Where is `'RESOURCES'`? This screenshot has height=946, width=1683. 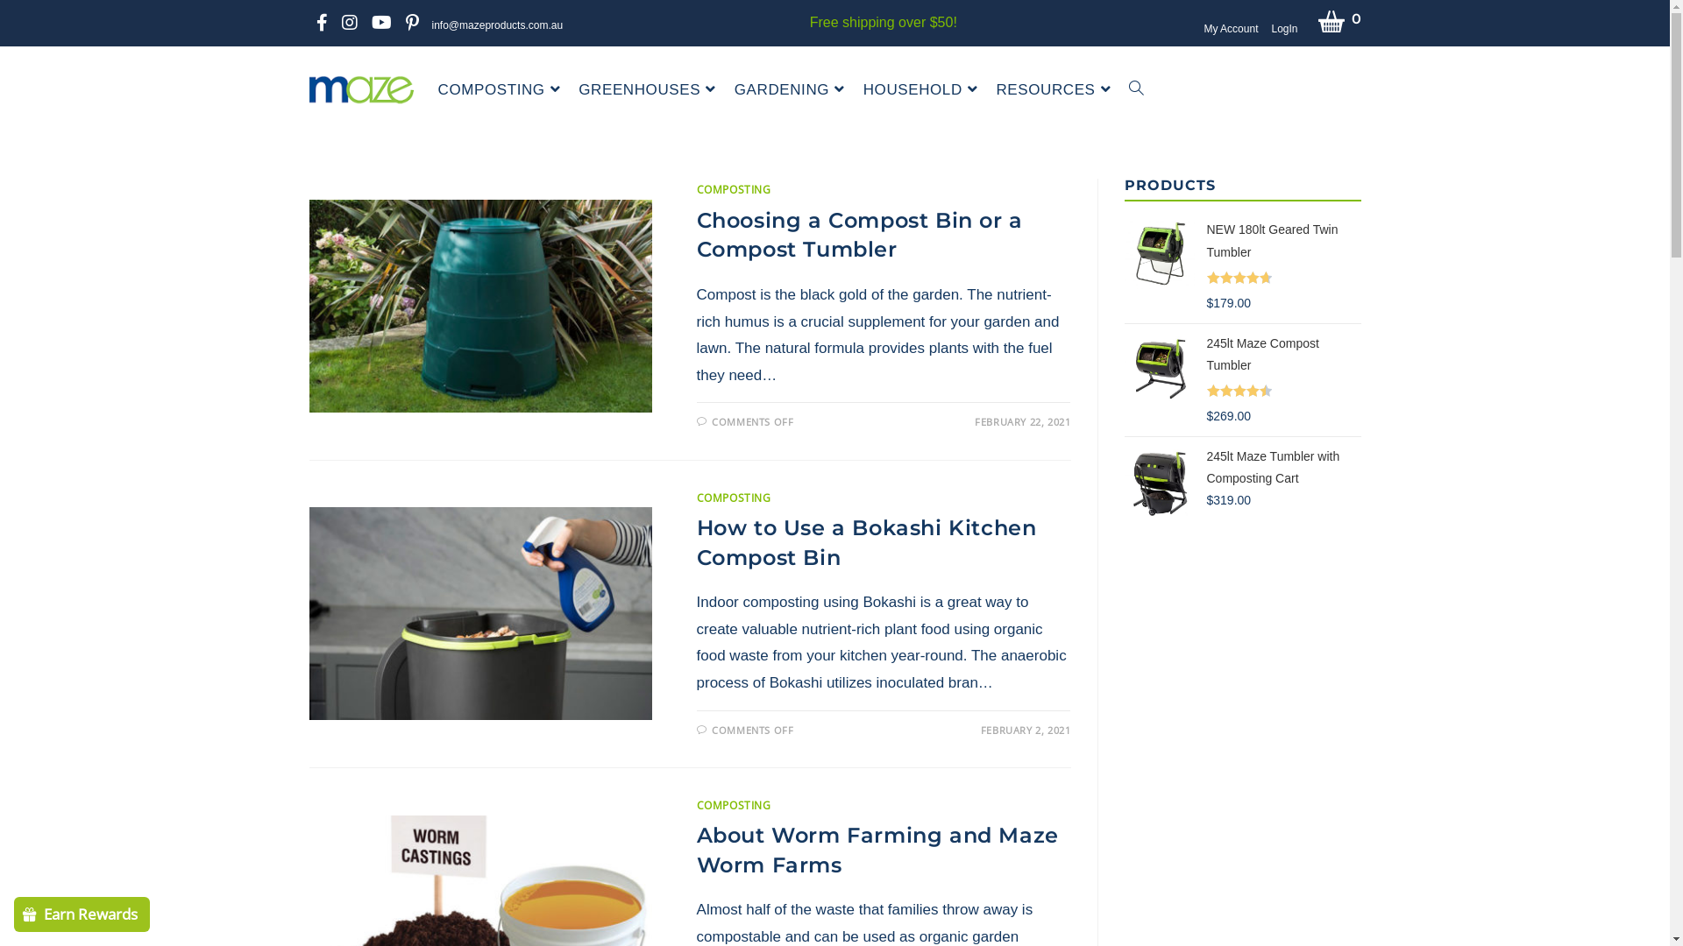
'RESOURCES' is located at coordinates (1055, 90).